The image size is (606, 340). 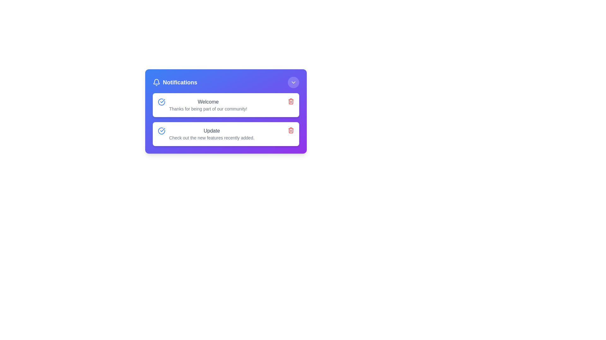 What do you see at coordinates (163, 100) in the screenshot?
I see `the lower portion of the checkmark within the blue circle icon, which serves as an indicator for the notification status` at bounding box center [163, 100].